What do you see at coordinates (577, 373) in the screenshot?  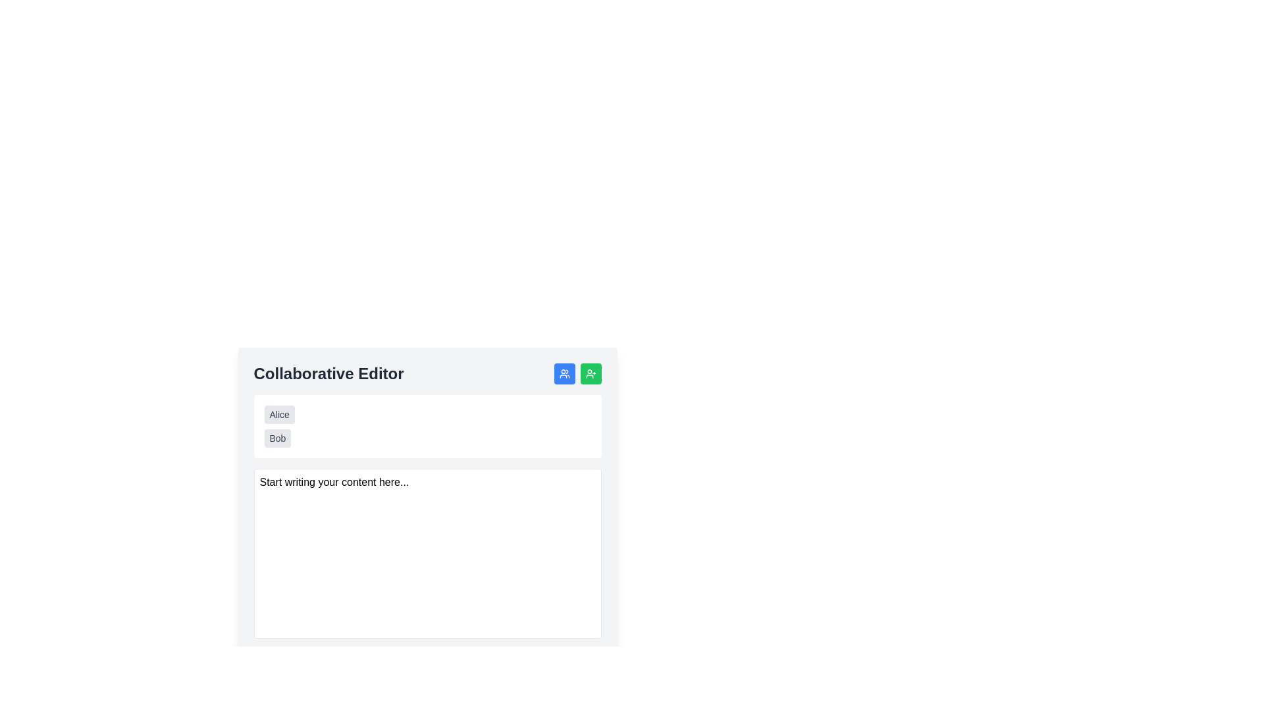 I see `the interactive button for adding a new user in the top-right corner of the header section labeled 'Collaborative Editor'` at bounding box center [577, 373].